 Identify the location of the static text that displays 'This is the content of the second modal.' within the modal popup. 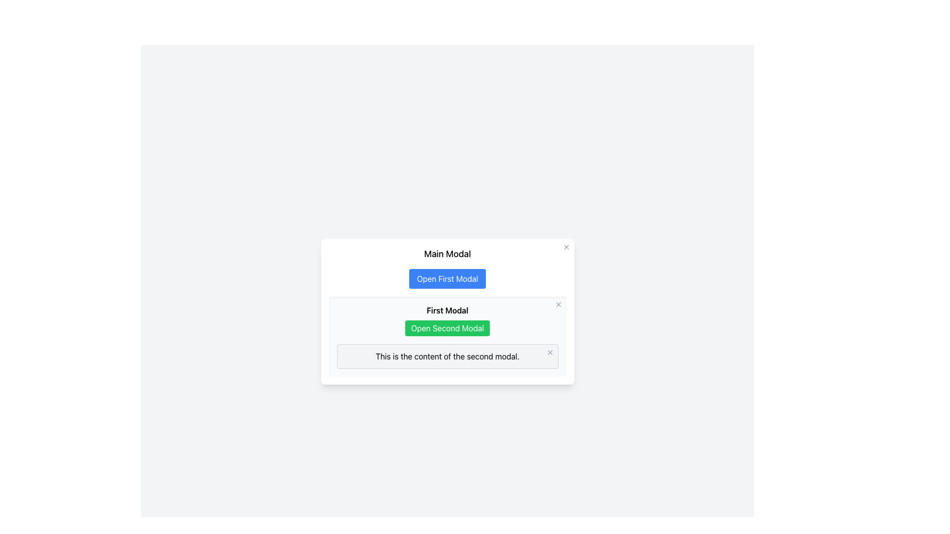
(447, 356).